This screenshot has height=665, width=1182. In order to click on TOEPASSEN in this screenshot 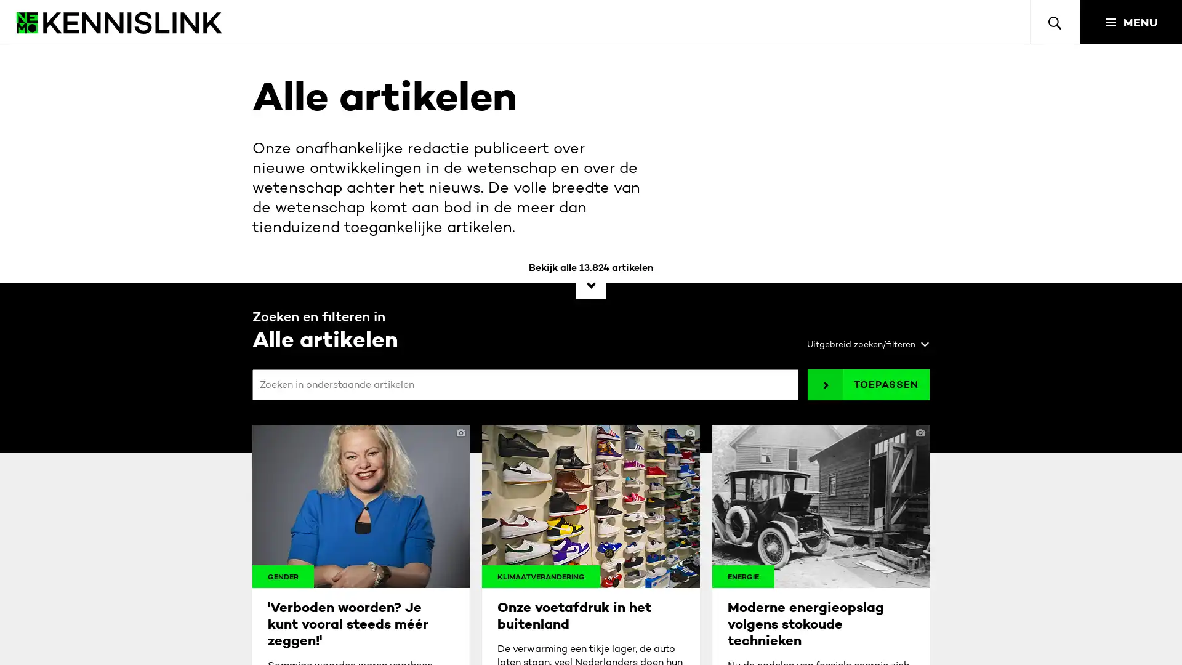, I will do `click(868, 384)`.